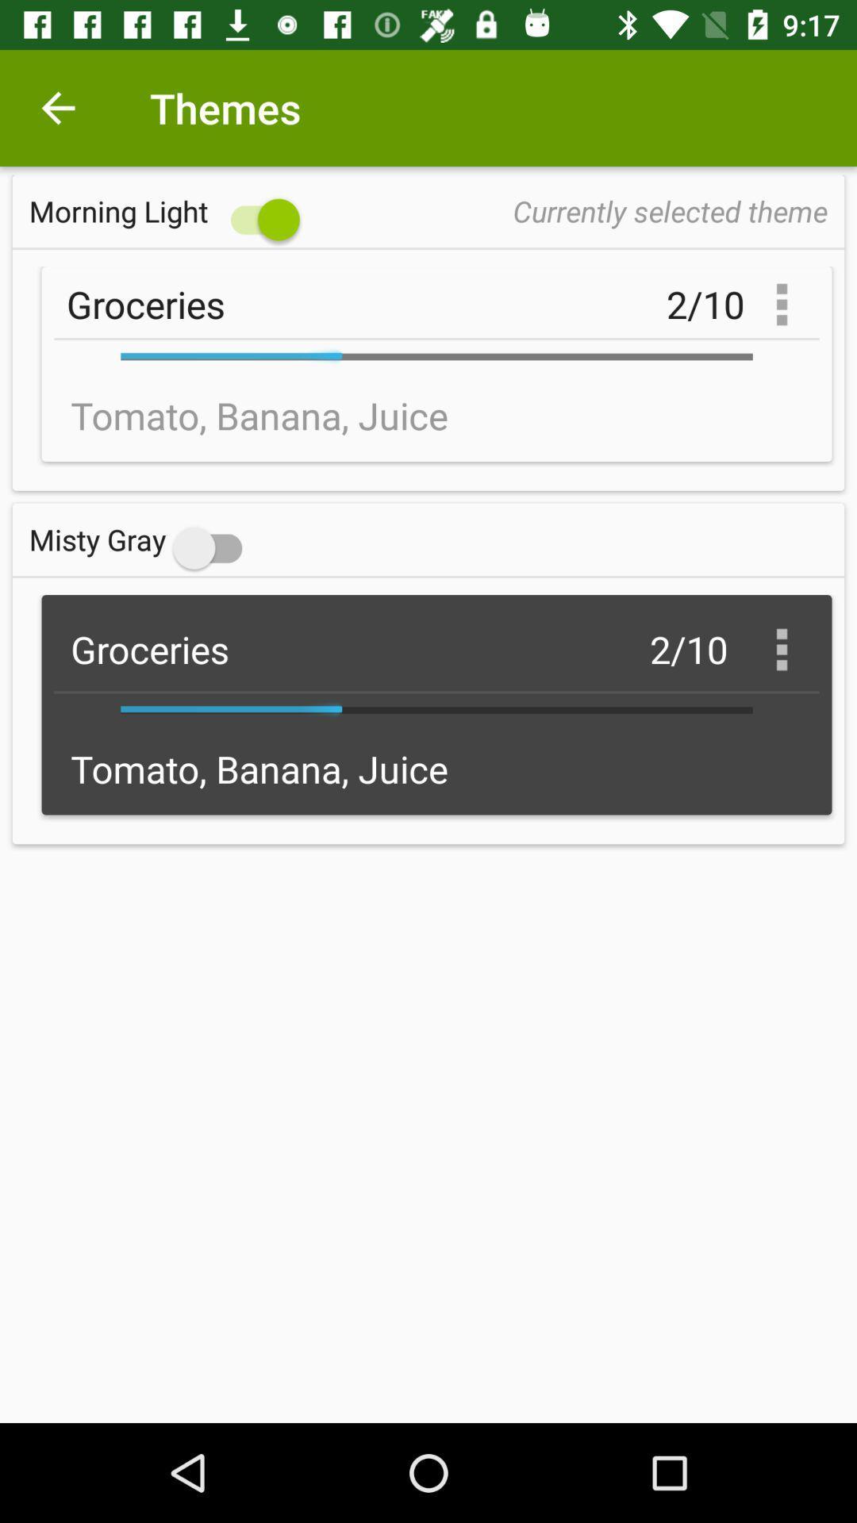 The image size is (857, 1523). What do you see at coordinates (437, 363) in the screenshot?
I see `the text under the morning light` at bounding box center [437, 363].